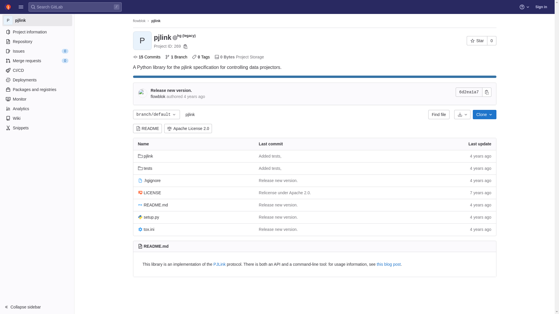  Describe the element at coordinates (149, 180) in the screenshot. I see `'.hgignore'` at that location.